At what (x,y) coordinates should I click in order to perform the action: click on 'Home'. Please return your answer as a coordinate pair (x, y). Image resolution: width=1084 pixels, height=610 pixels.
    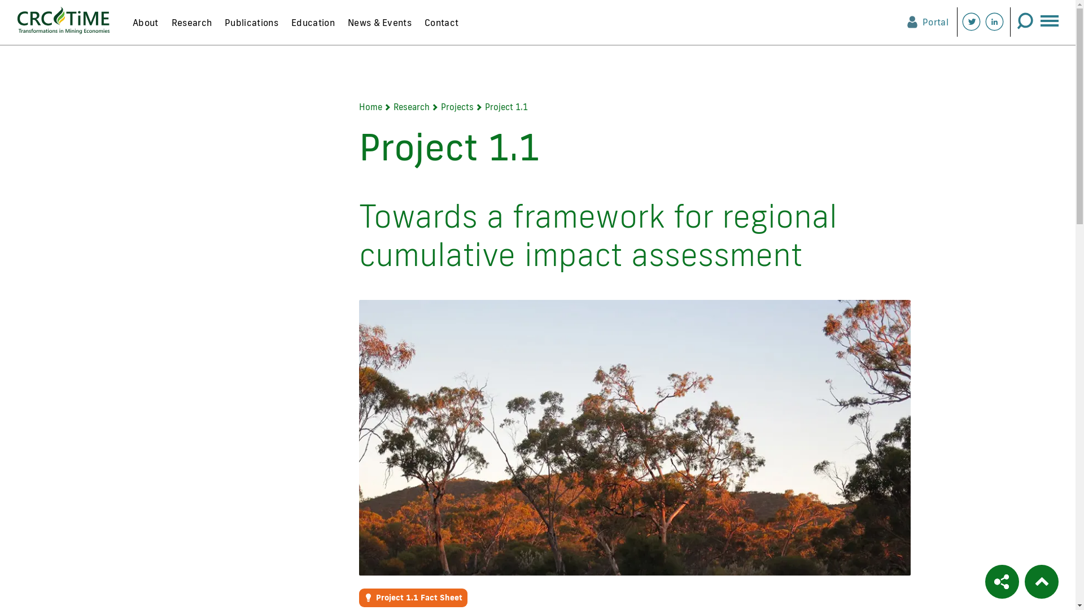
    Looking at the image, I should click on (370, 107).